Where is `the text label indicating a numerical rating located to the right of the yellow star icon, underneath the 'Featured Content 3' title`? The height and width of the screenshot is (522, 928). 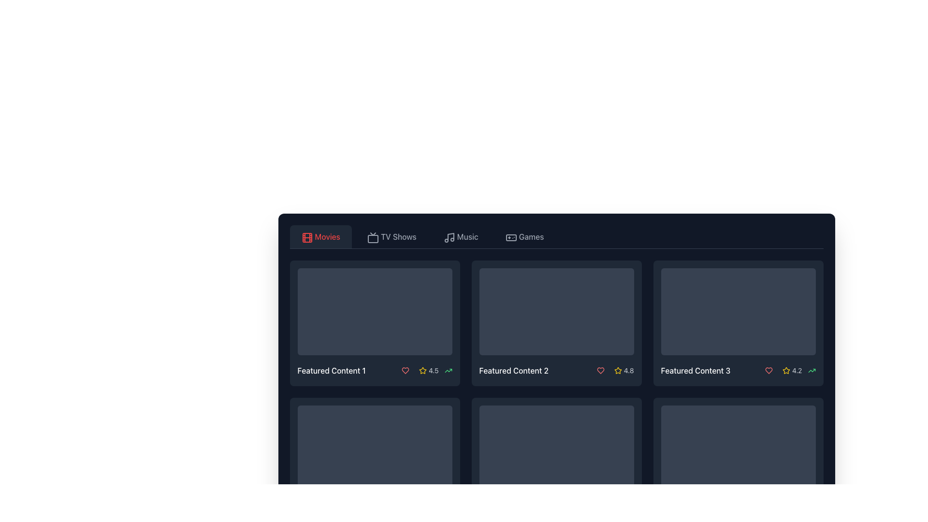
the text label indicating a numerical rating located to the right of the yellow star icon, underneath the 'Featured Content 3' title is located at coordinates (797, 370).